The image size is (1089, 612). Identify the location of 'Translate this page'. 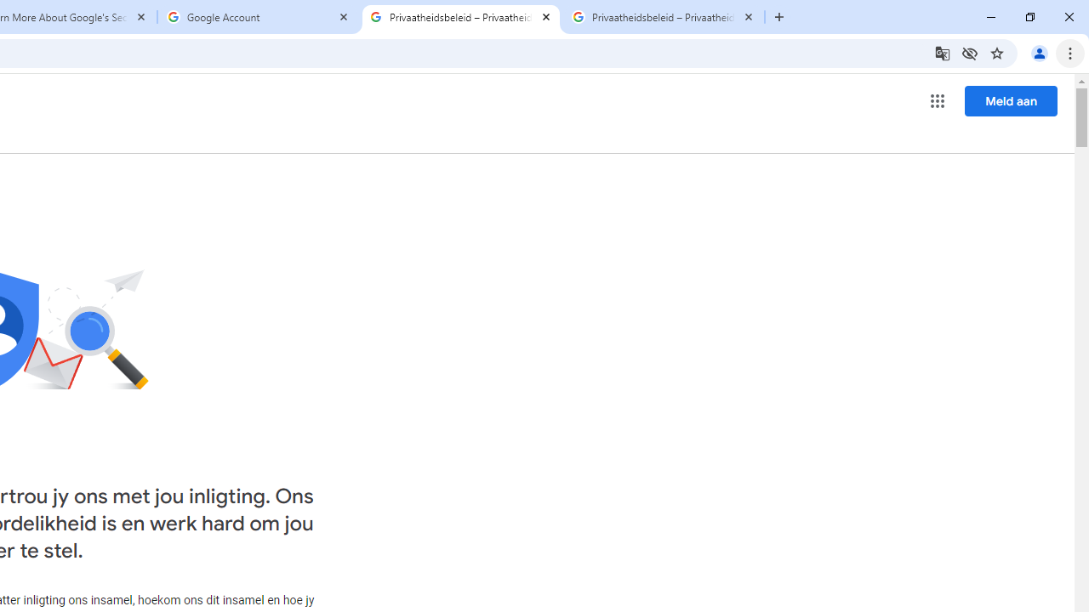
(941, 52).